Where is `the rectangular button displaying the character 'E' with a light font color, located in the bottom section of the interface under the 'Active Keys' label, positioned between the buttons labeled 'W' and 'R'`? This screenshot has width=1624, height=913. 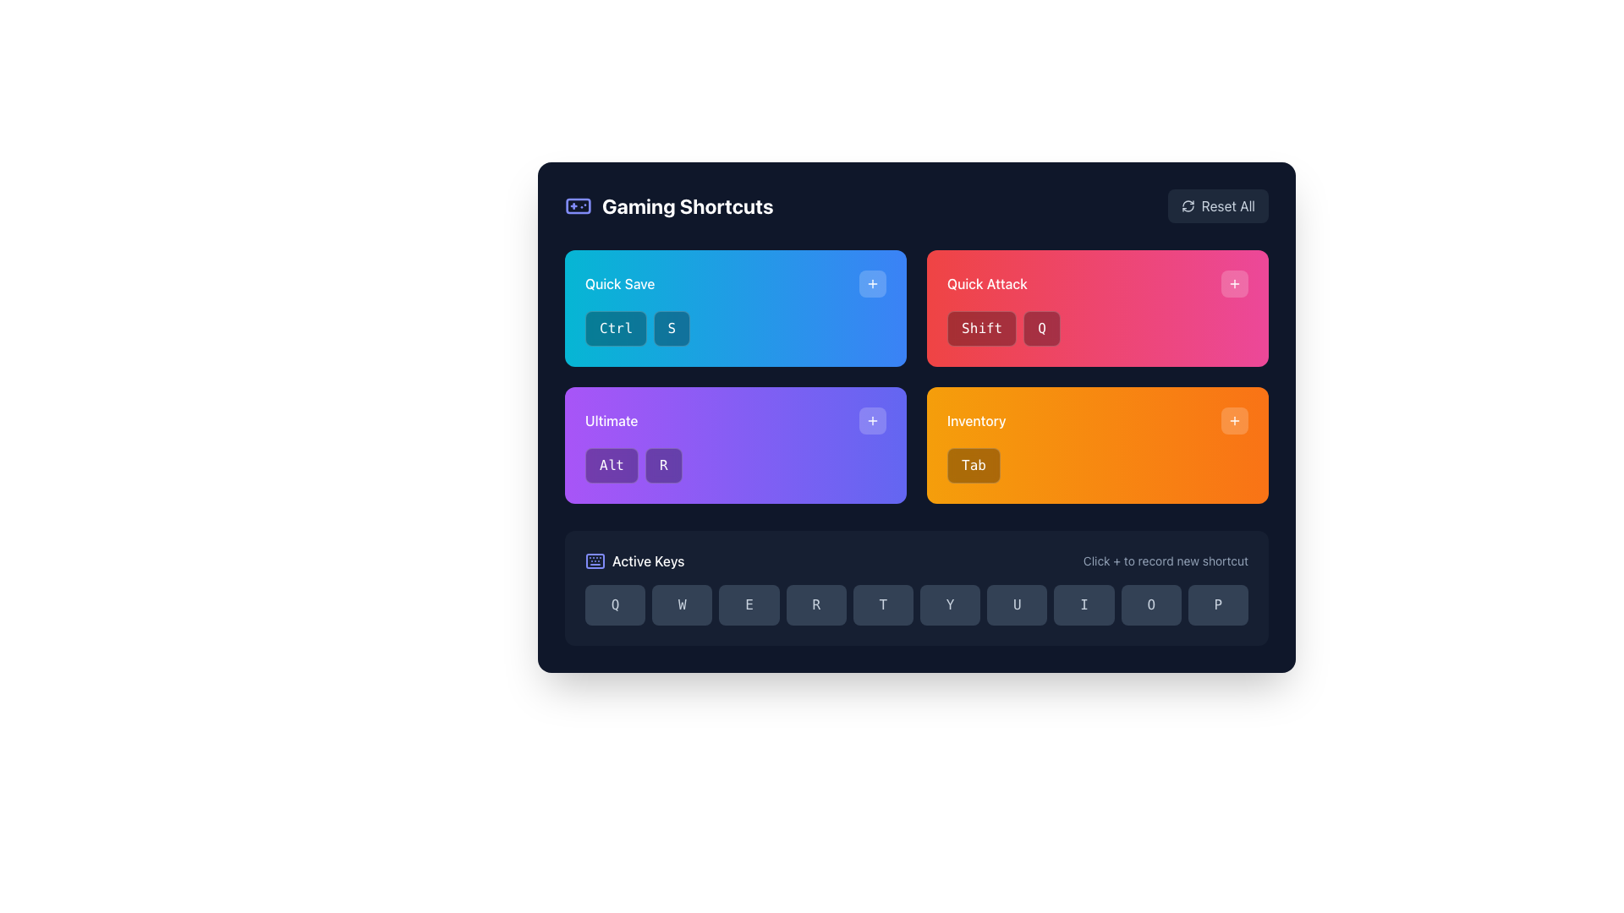 the rectangular button displaying the character 'E' with a light font color, located in the bottom section of the interface under the 'Active Keys' label, positioned between the buttons labeled 'W' and 'R' is located at coordinates (749, 604).